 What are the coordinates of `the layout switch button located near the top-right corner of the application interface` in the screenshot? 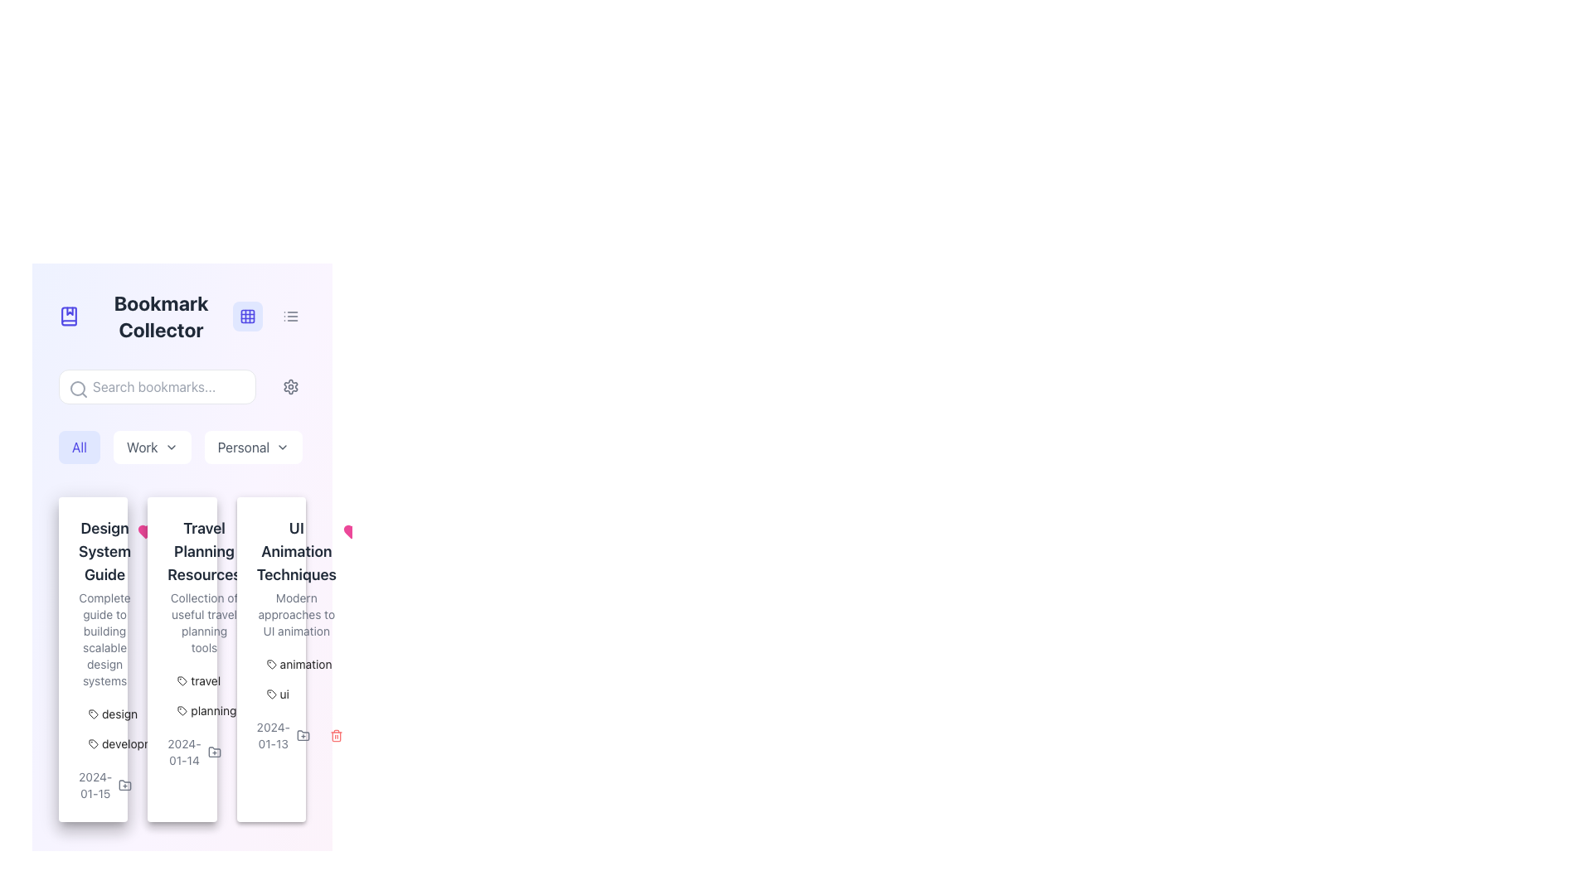 It's located at (290, 316).